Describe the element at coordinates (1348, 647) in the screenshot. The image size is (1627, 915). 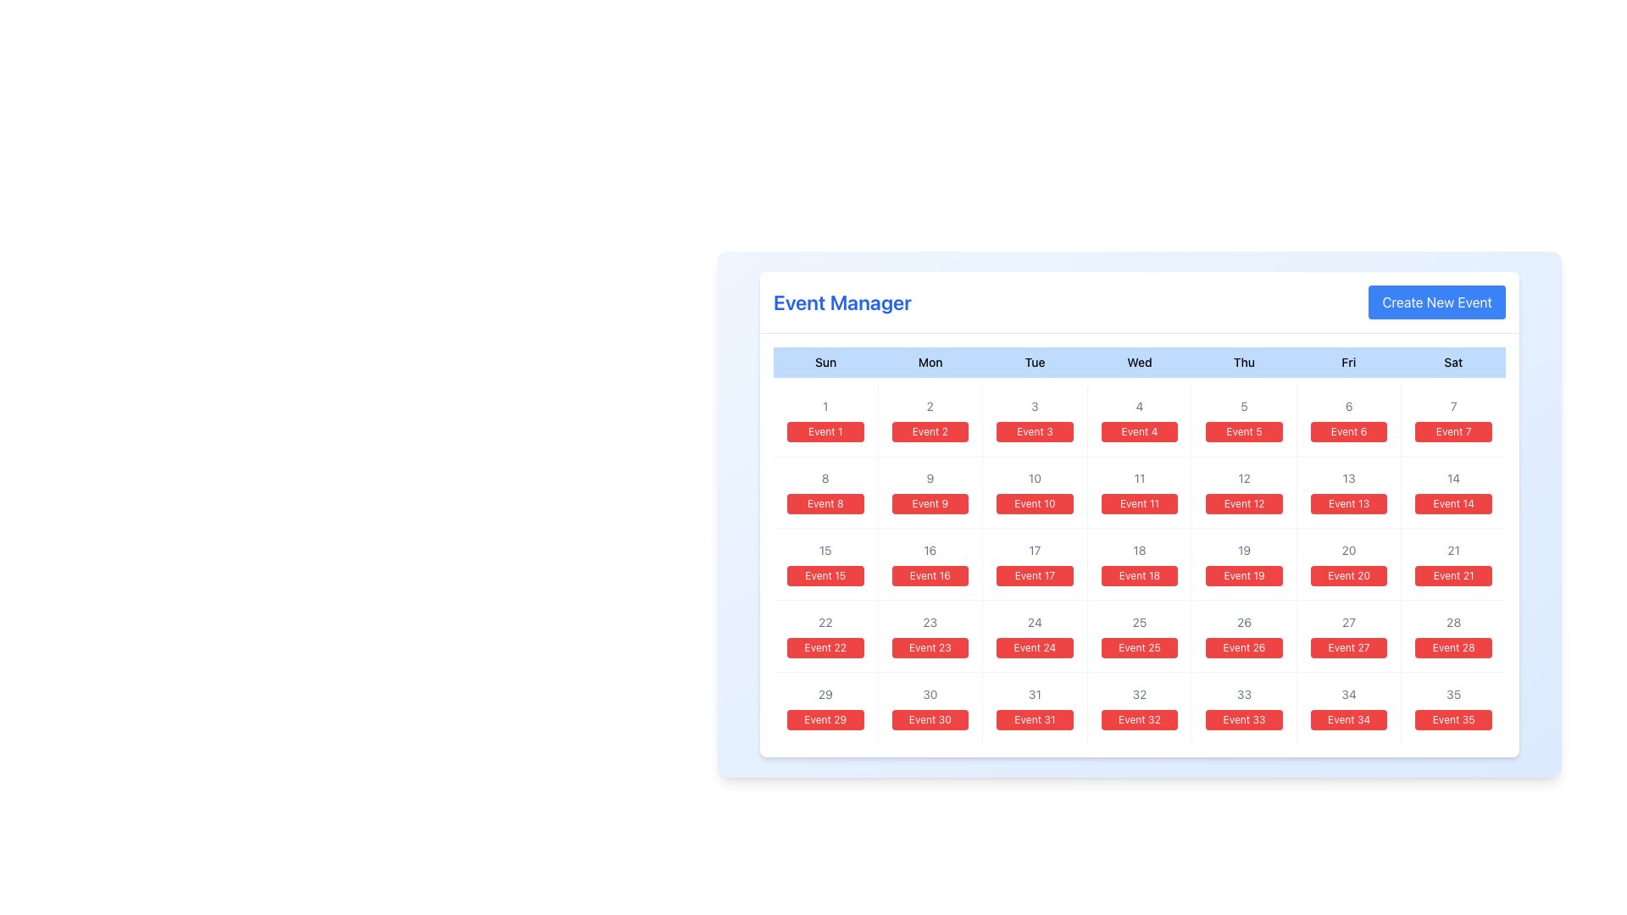
I see `the button-like label in the calendar view that indicates an event on the 27th day of the month` at that location.